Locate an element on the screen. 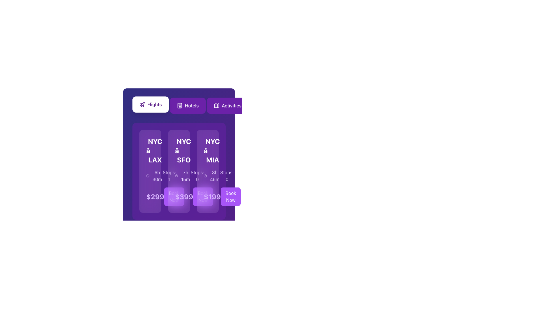  the static text label indicating the number of stops for the flight, positioned under '6h 30m' and to the right of the clock icon is located at coordinates (169, 175).